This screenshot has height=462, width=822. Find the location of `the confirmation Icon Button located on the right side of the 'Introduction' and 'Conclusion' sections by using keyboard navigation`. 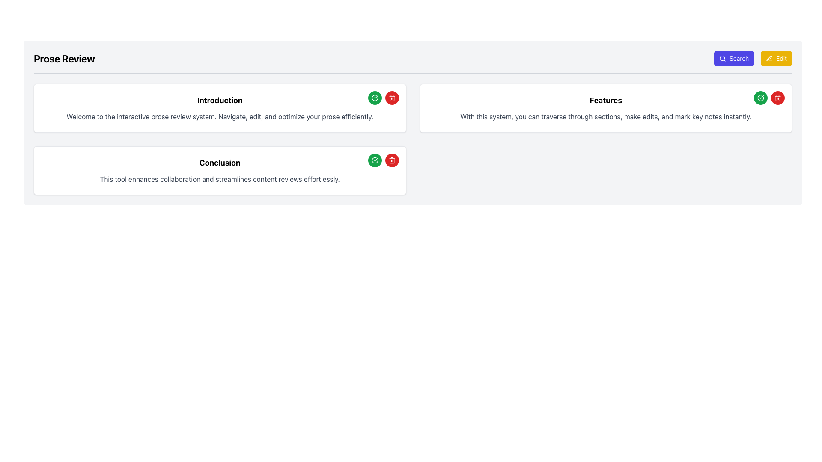

the confirmation Icon Button located on the right side of the 'Introduction' and 'Conclusion' sections by using keyboard navigation is located at coordinates (375, 97).